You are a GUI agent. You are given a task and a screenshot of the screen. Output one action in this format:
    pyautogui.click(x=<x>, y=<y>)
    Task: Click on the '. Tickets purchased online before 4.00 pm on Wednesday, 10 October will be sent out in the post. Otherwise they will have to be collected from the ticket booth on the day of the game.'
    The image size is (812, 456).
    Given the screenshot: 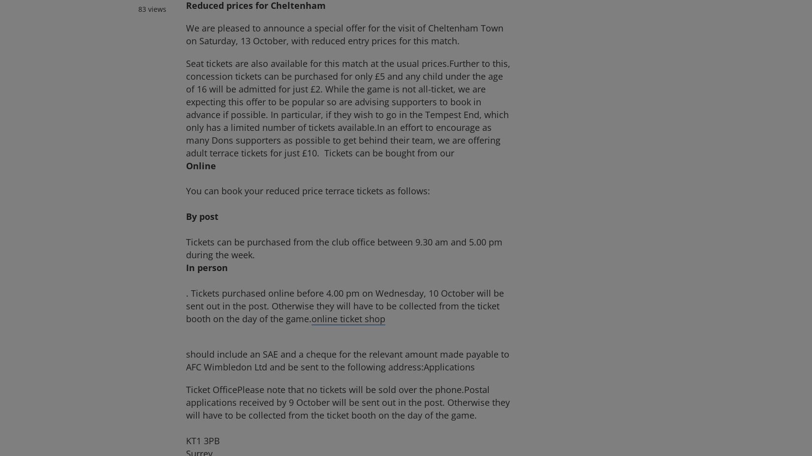 What is the action you would take?
    pyautogui.click(x=344, y=305)
    